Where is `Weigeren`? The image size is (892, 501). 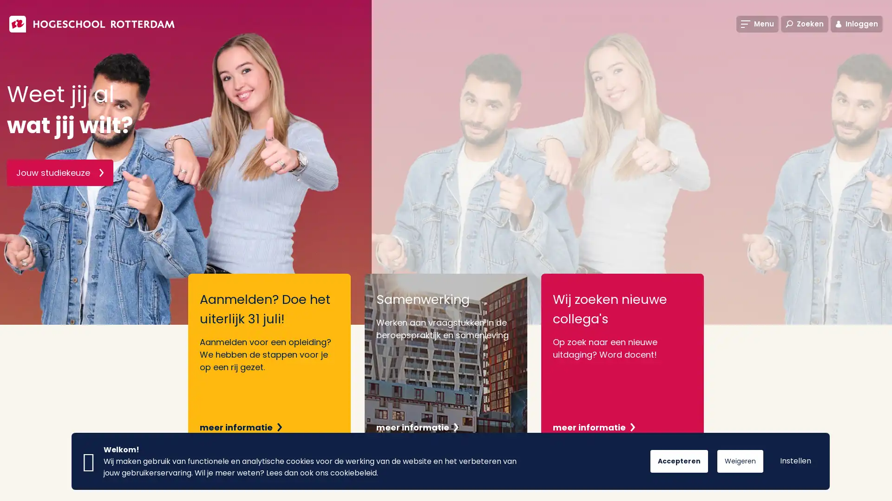
Weigeren is located at coordinates (739, 461).